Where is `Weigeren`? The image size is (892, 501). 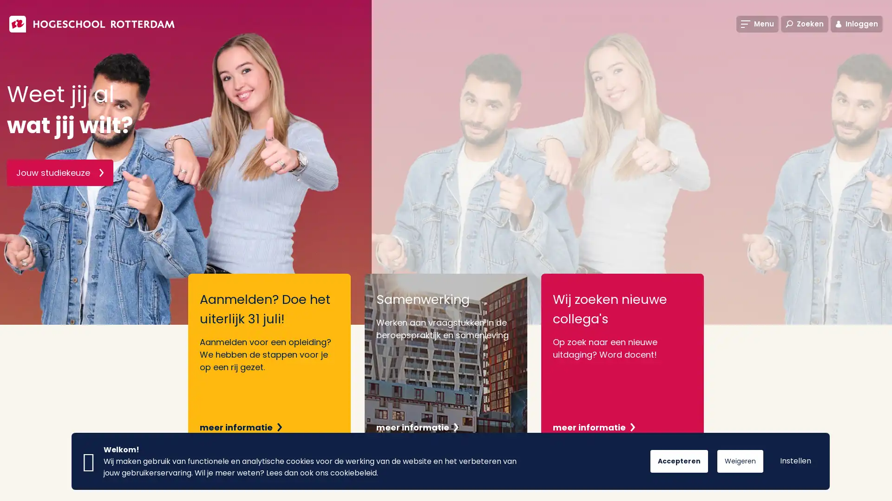
Weigeren is located at coordinates (739, 461).